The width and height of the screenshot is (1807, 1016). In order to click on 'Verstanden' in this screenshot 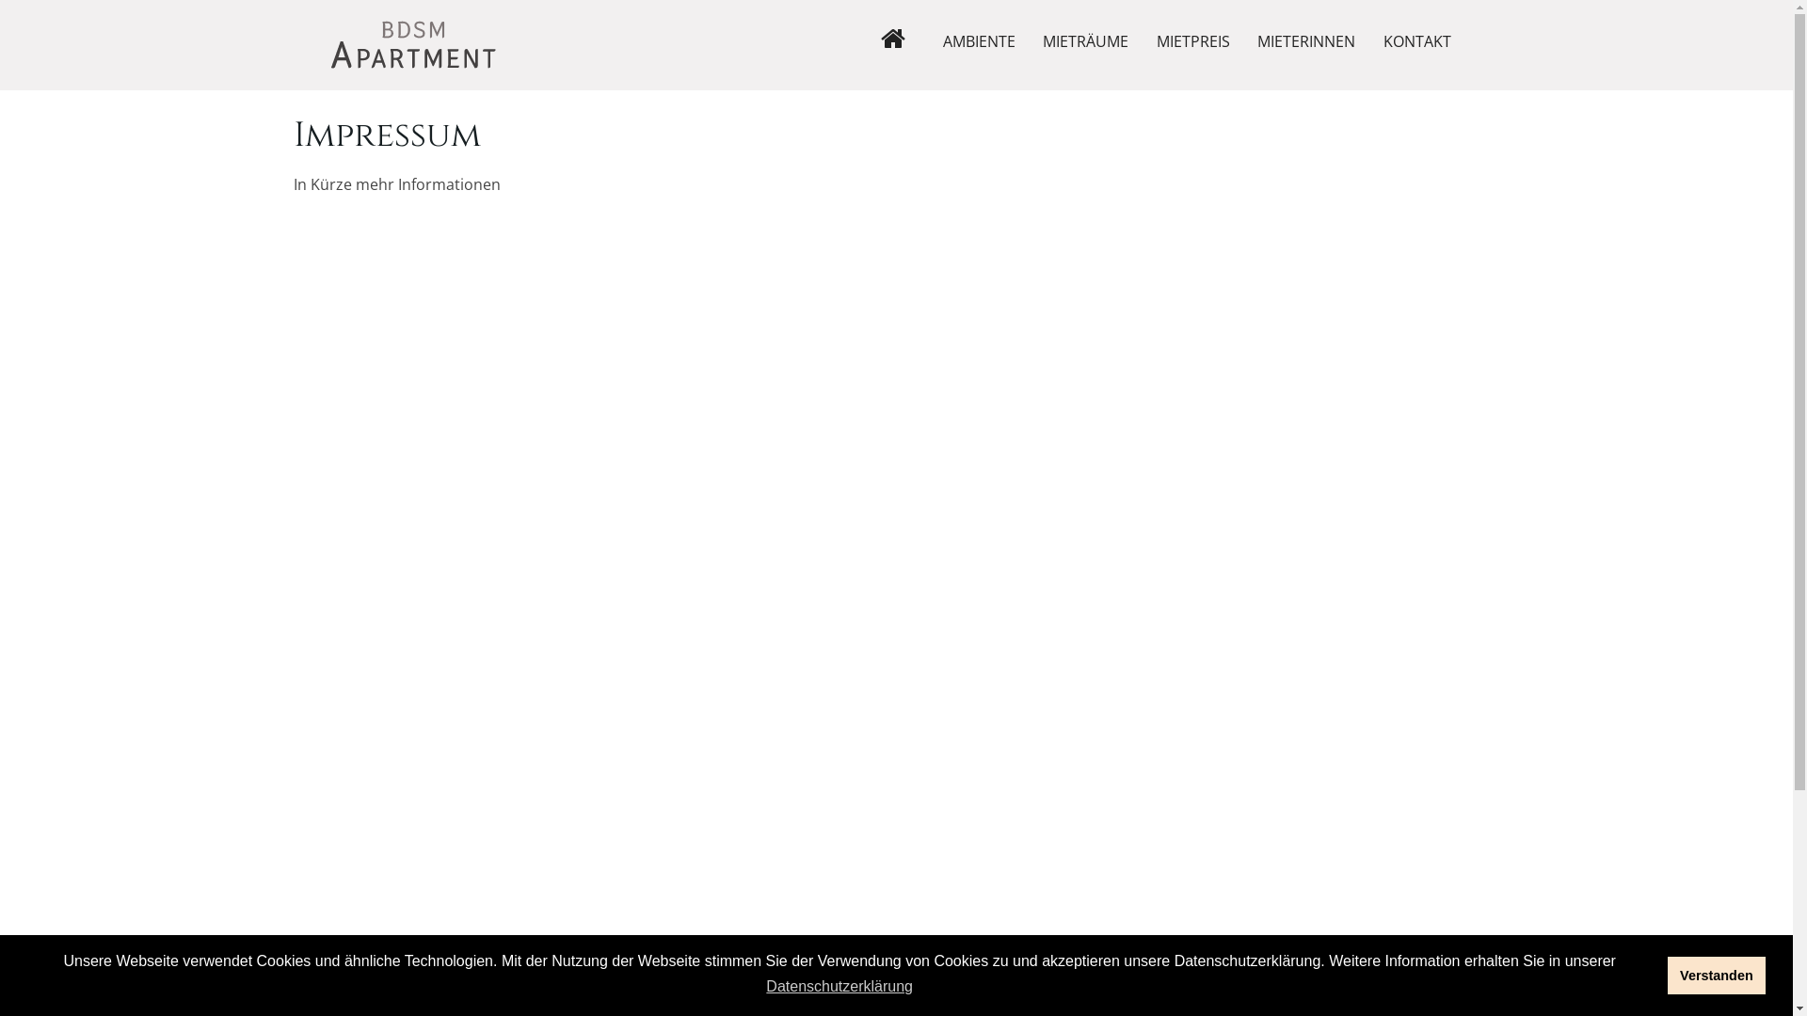, I will do `click(1667, 975)`.